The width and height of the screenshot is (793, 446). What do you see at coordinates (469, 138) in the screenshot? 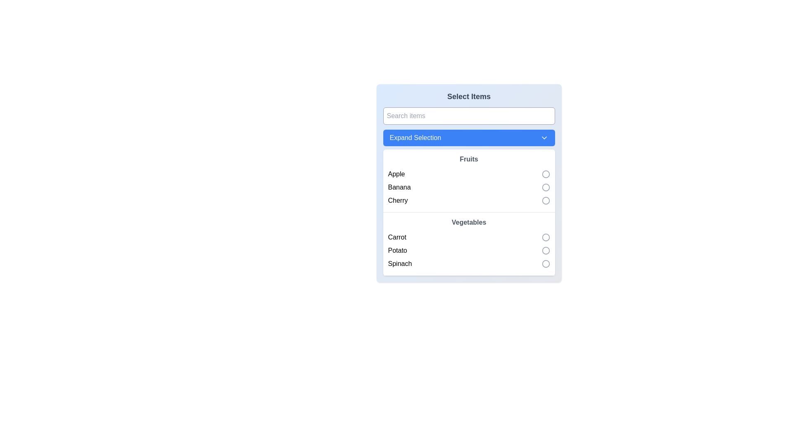
I see `the button located below the search box and above the 'Fruits' and 'Vegetables' section` at bounding box center [469, 138].